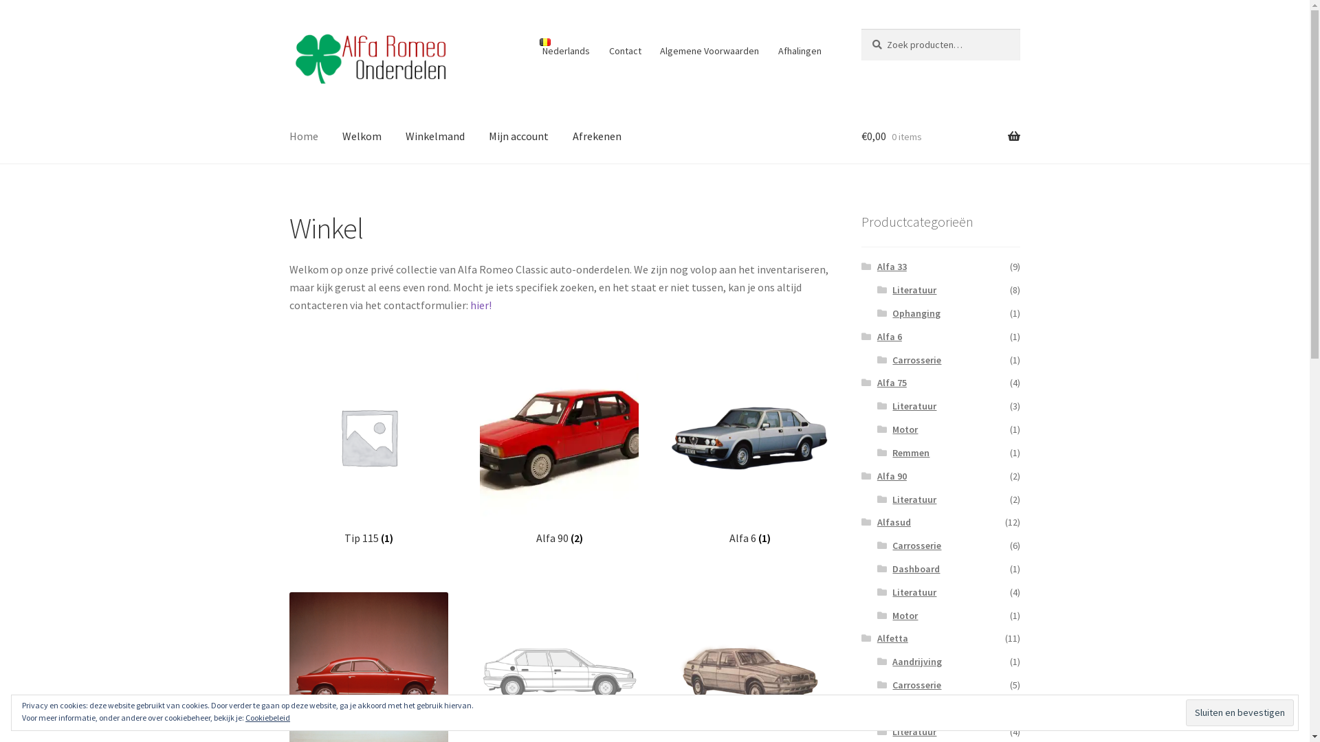 This screenshot has height=742, width=1320. I want to click on 'Alfasud', so click(894, 521).